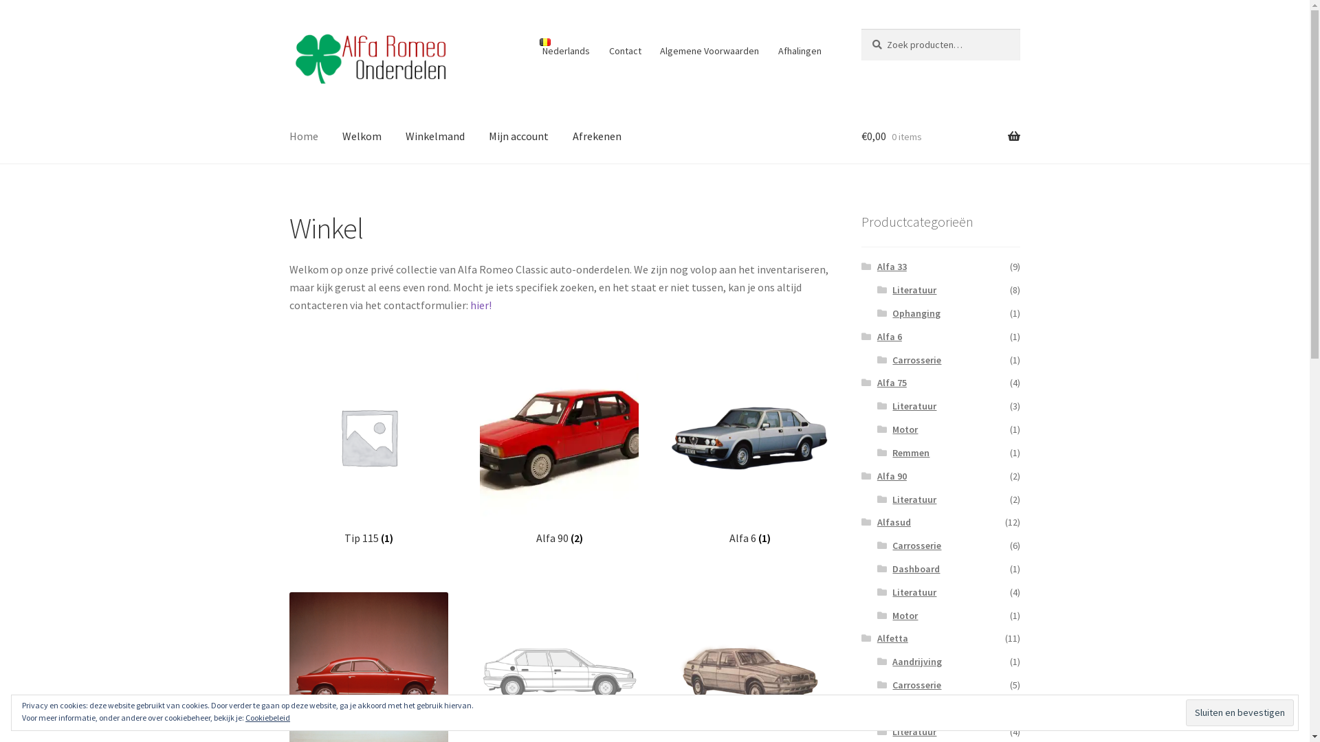 This screenshot has height=742, width=1320. I want to click on 'Alfasud', so click(894, 521).